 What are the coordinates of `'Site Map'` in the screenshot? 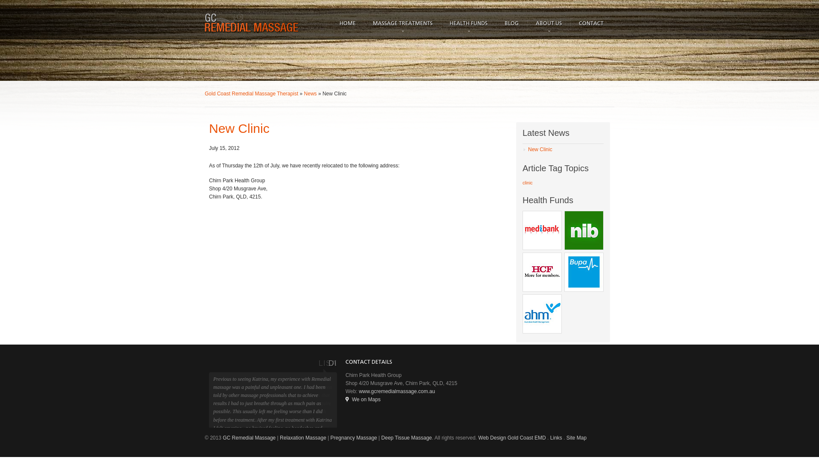 It's located at (576, 438).